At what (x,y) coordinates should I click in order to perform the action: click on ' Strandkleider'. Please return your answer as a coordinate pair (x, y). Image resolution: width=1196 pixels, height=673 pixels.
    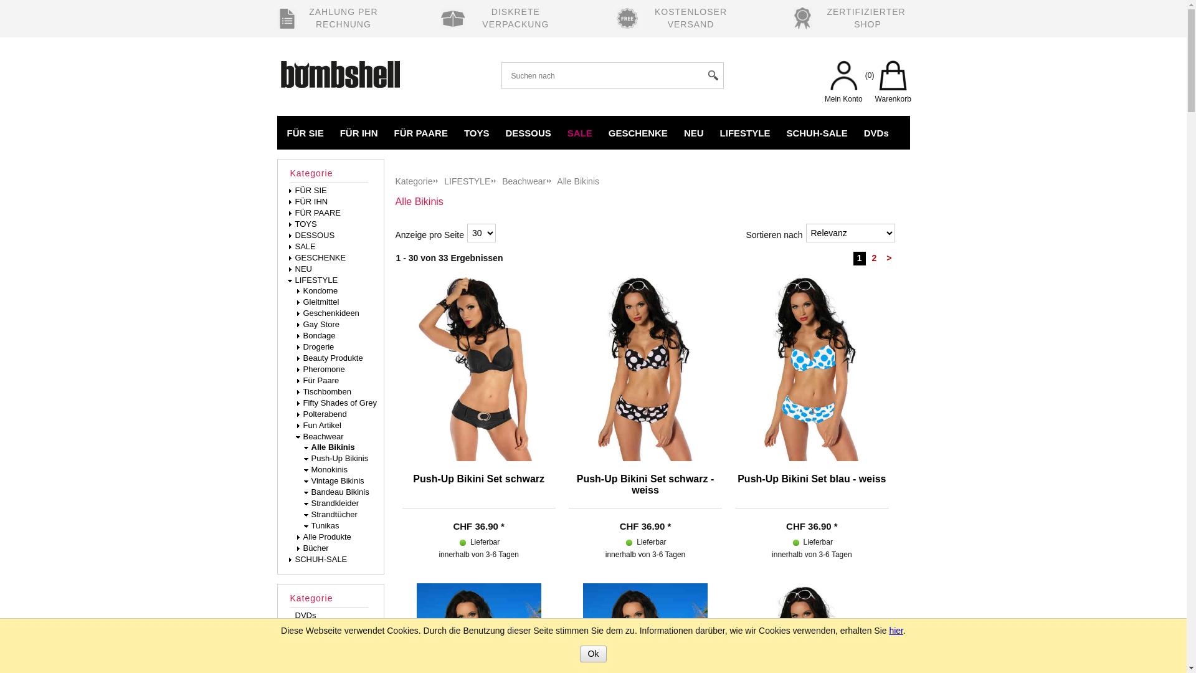
    Looking at the image, I should click on (336, 502).